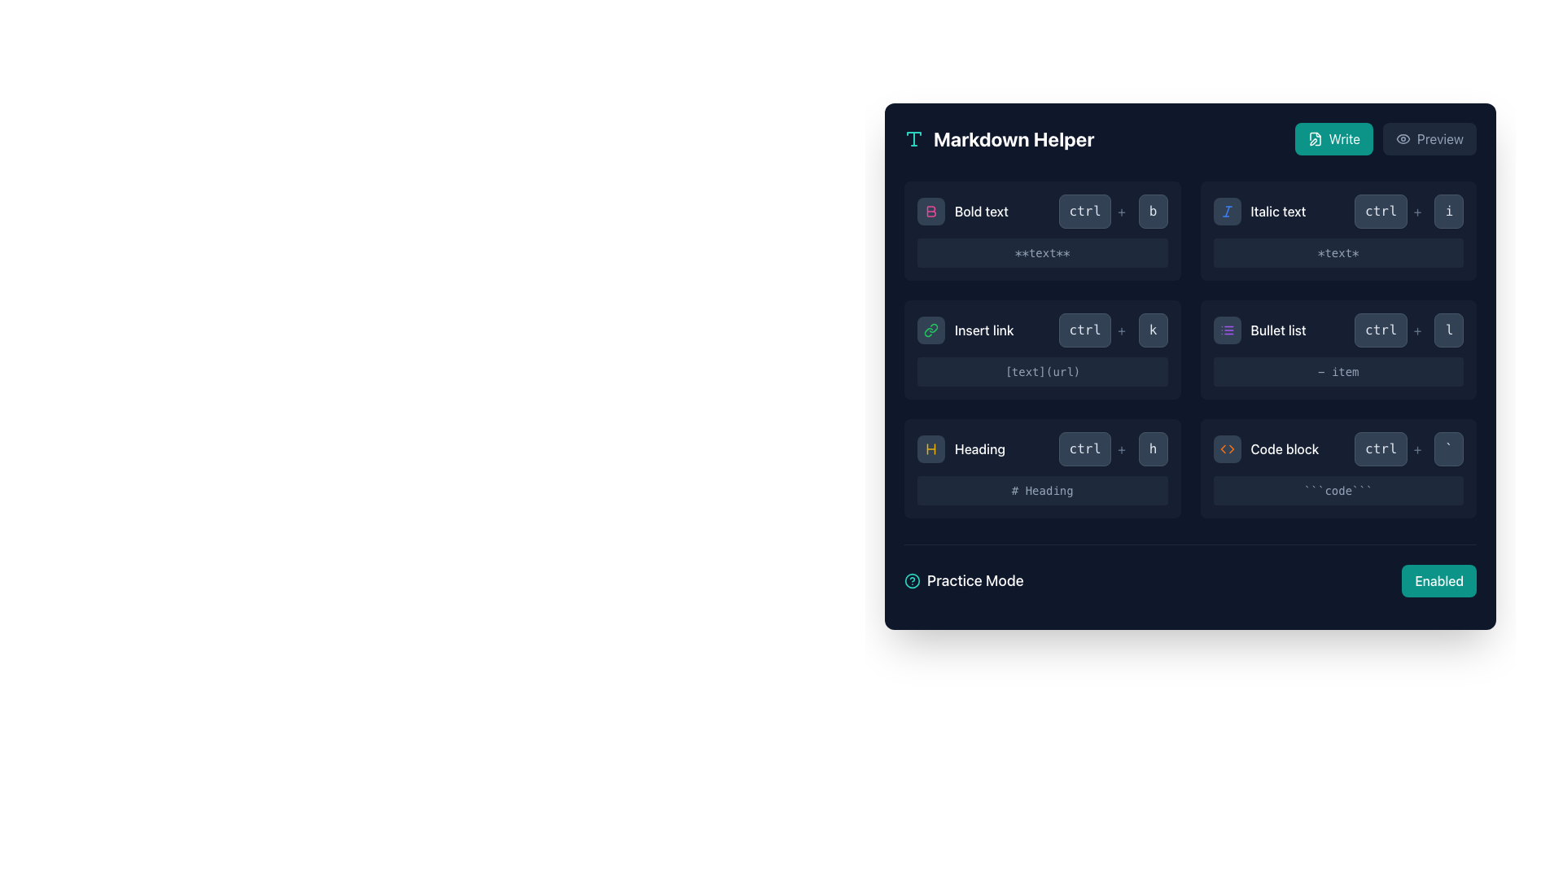  What do you see at coordinates (1227, 210) in the screenshot?
I see `the 'Italic text' icon located in the button within the 'Markdown Helper' panel` at bounding box center [1227, 210].